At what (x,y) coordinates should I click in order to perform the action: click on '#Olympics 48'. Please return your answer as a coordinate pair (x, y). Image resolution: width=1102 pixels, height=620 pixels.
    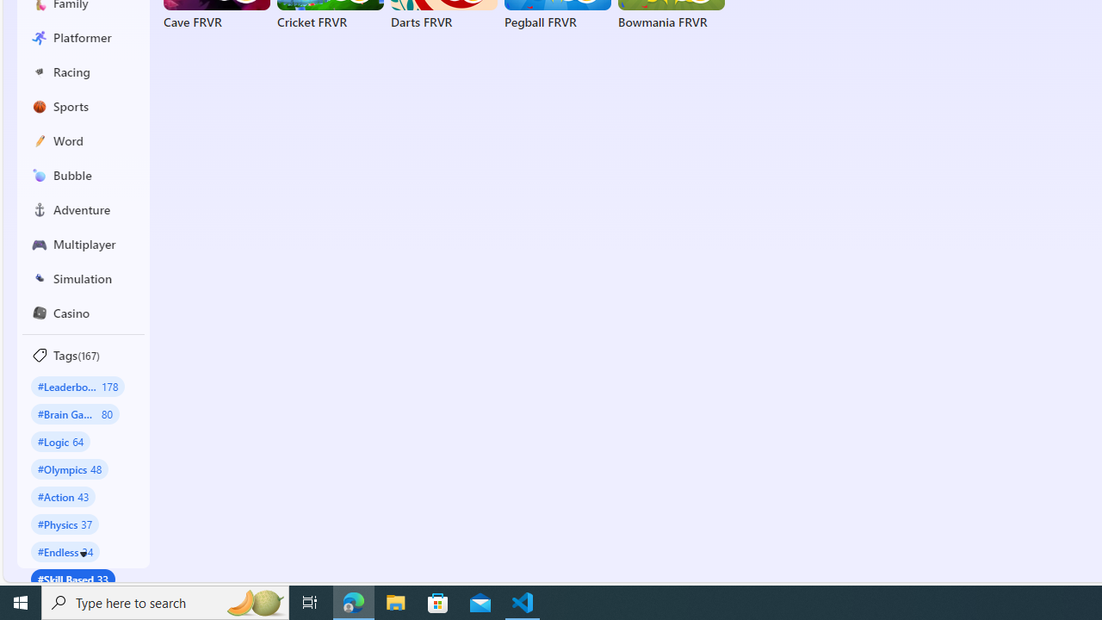
    Looking at the image, I should click on (69, 468).